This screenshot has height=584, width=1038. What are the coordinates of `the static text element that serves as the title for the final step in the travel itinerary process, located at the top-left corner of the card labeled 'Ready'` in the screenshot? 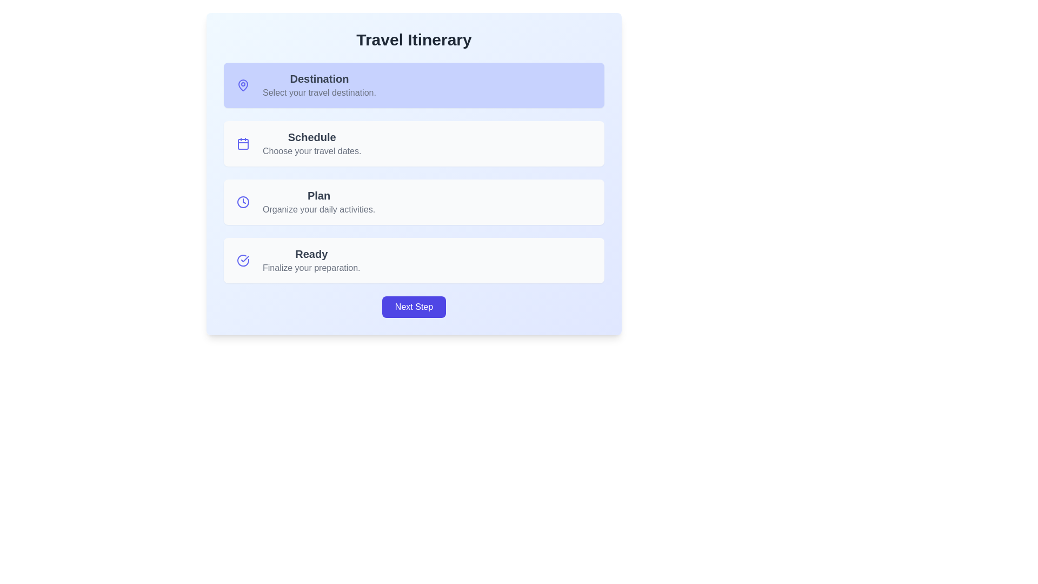 It's located at (311, 254).